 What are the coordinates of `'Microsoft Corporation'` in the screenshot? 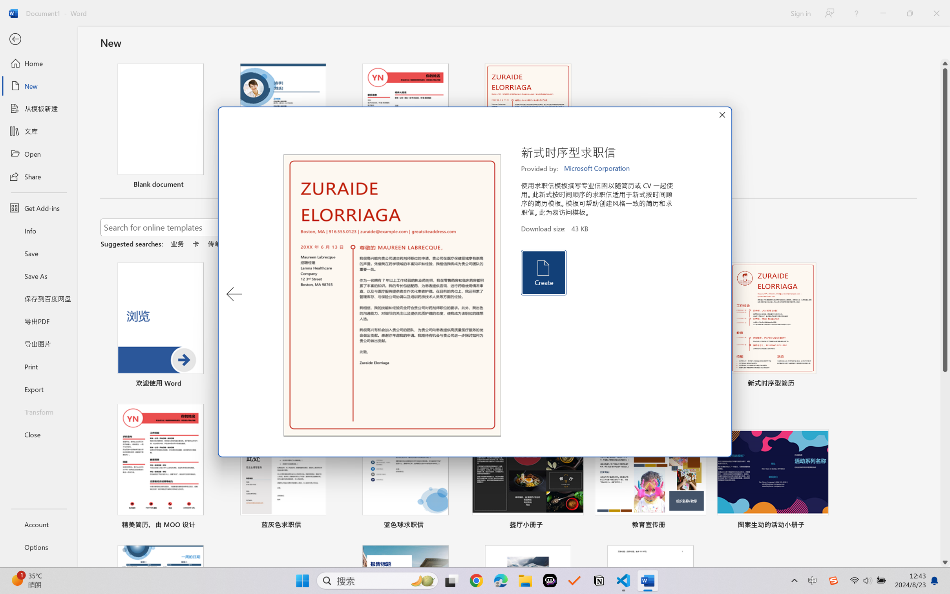 It's located at (597, 168).